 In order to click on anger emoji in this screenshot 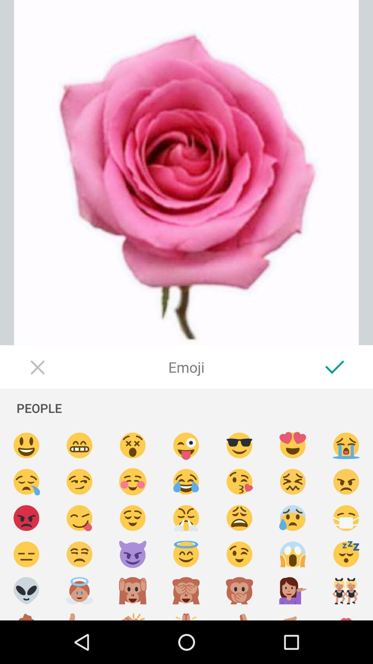, I will do `click(346, 481)`.